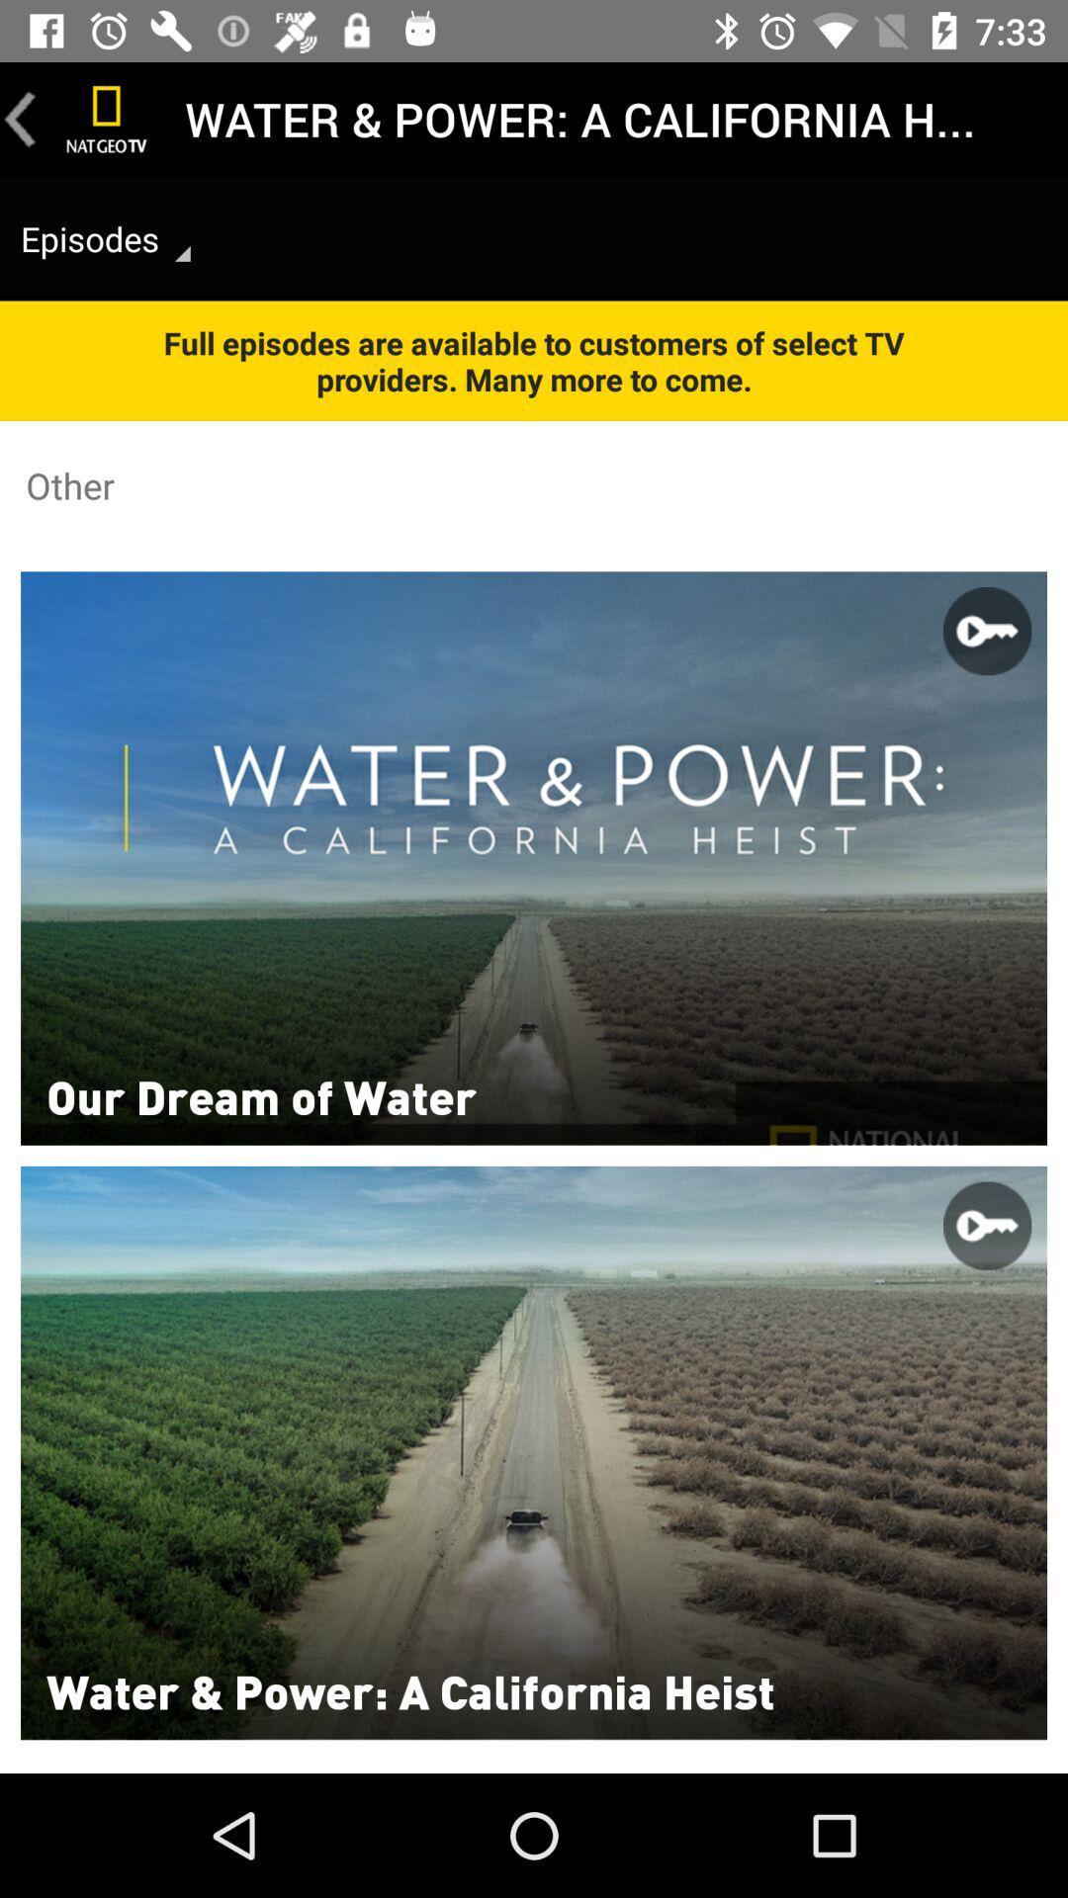 This screenshot has width=1068, height=1898. I want to click on go back, so click(20, 118).